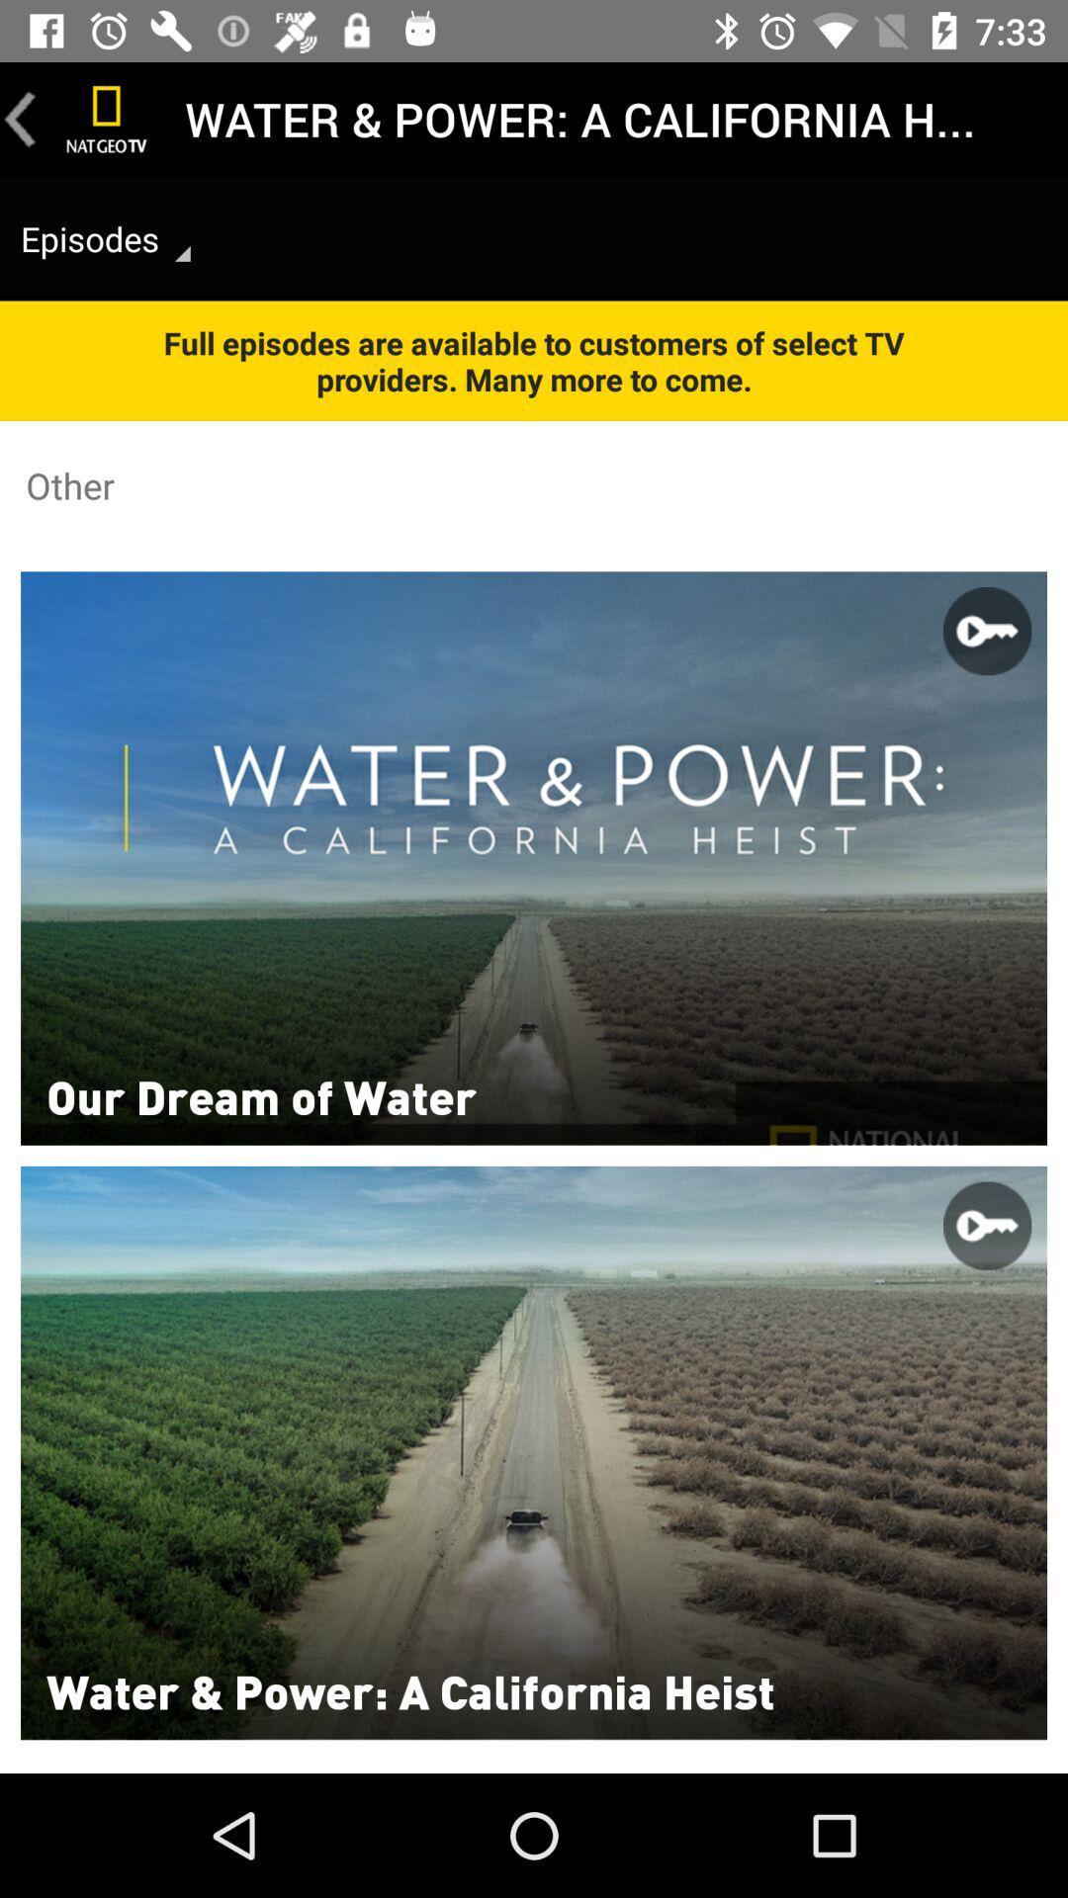 This screenshot has width=1068, height=1898. I want to click on go back, so click(20, 118).